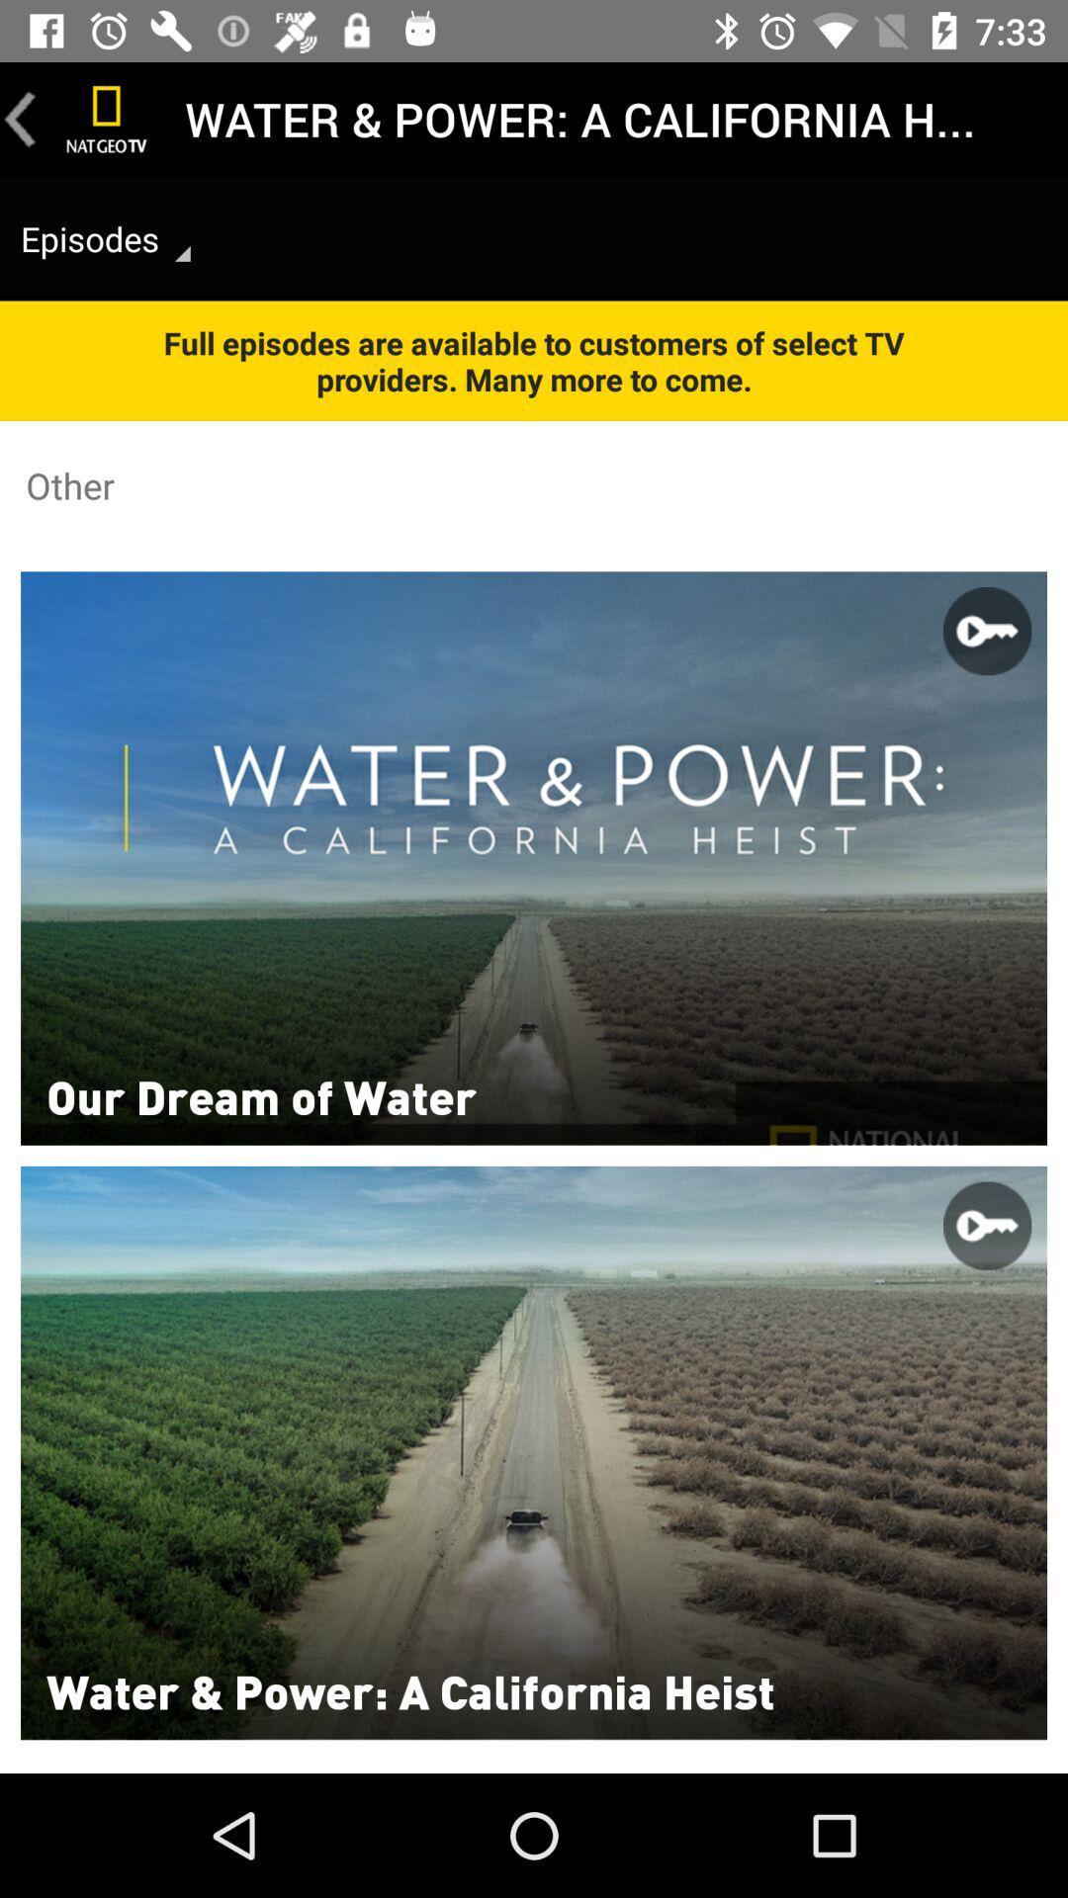 This screenshot has width=1068, height=1898. I want to click on go back, so click(20, 118).